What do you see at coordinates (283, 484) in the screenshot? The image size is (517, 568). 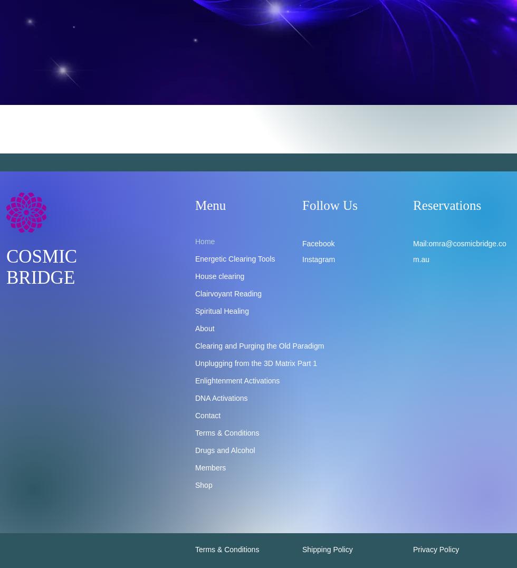 I see `'DNA Activations Level 6'` at bounding box center [283, 484].